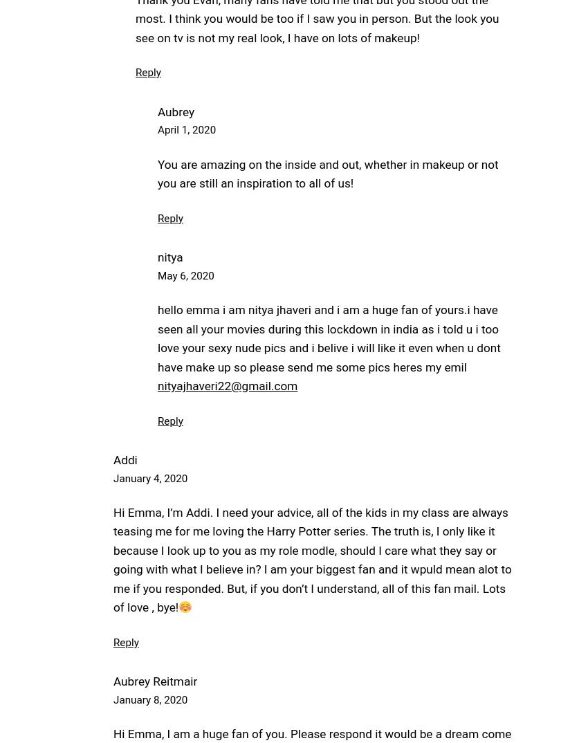 This screenshot has width=588, height=743. I want to click on 'January 4, 2020', so click(150, 477).